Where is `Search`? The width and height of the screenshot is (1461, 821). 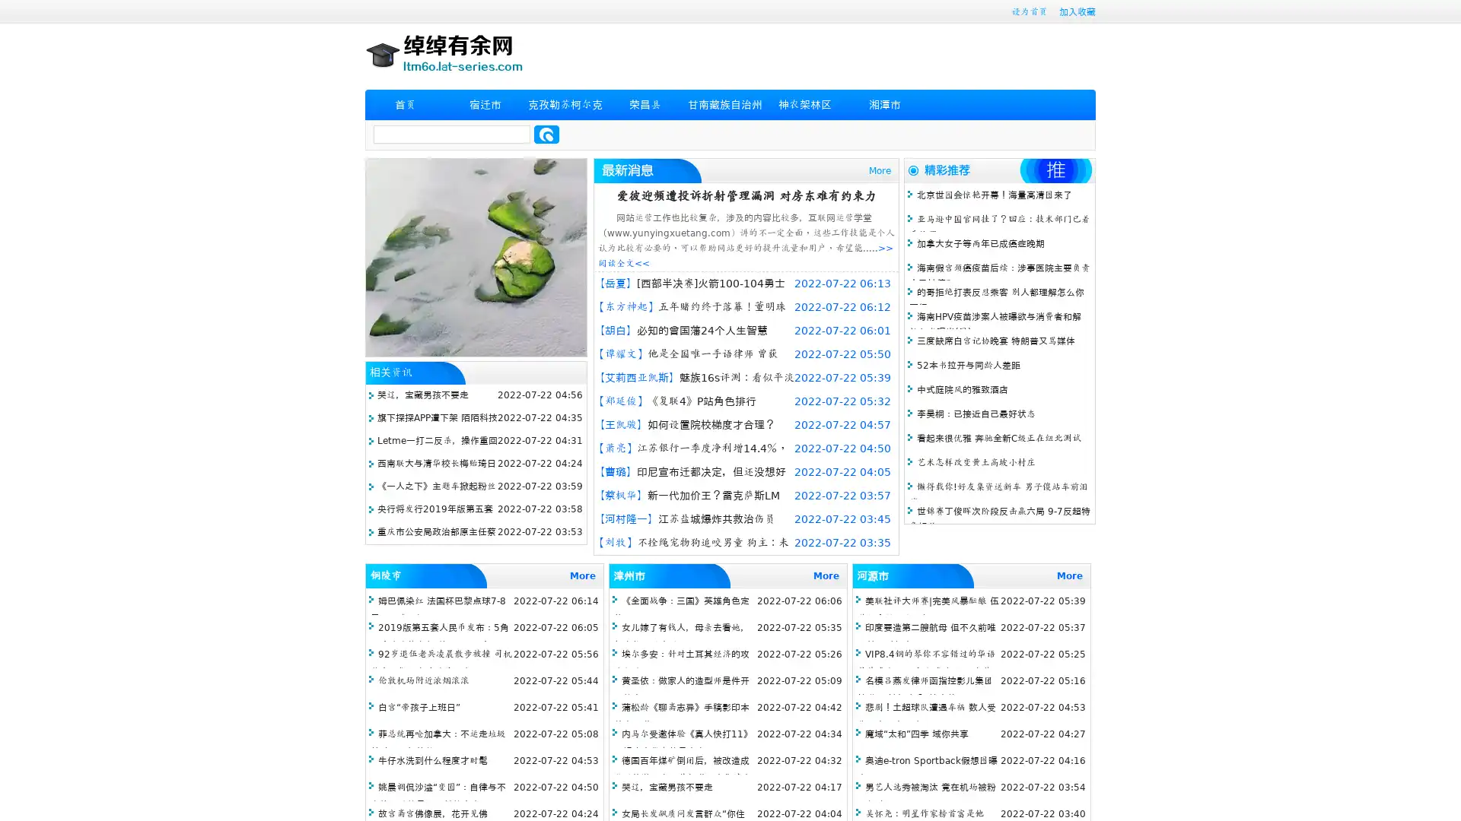
Search is located at coordinates (546, 134).